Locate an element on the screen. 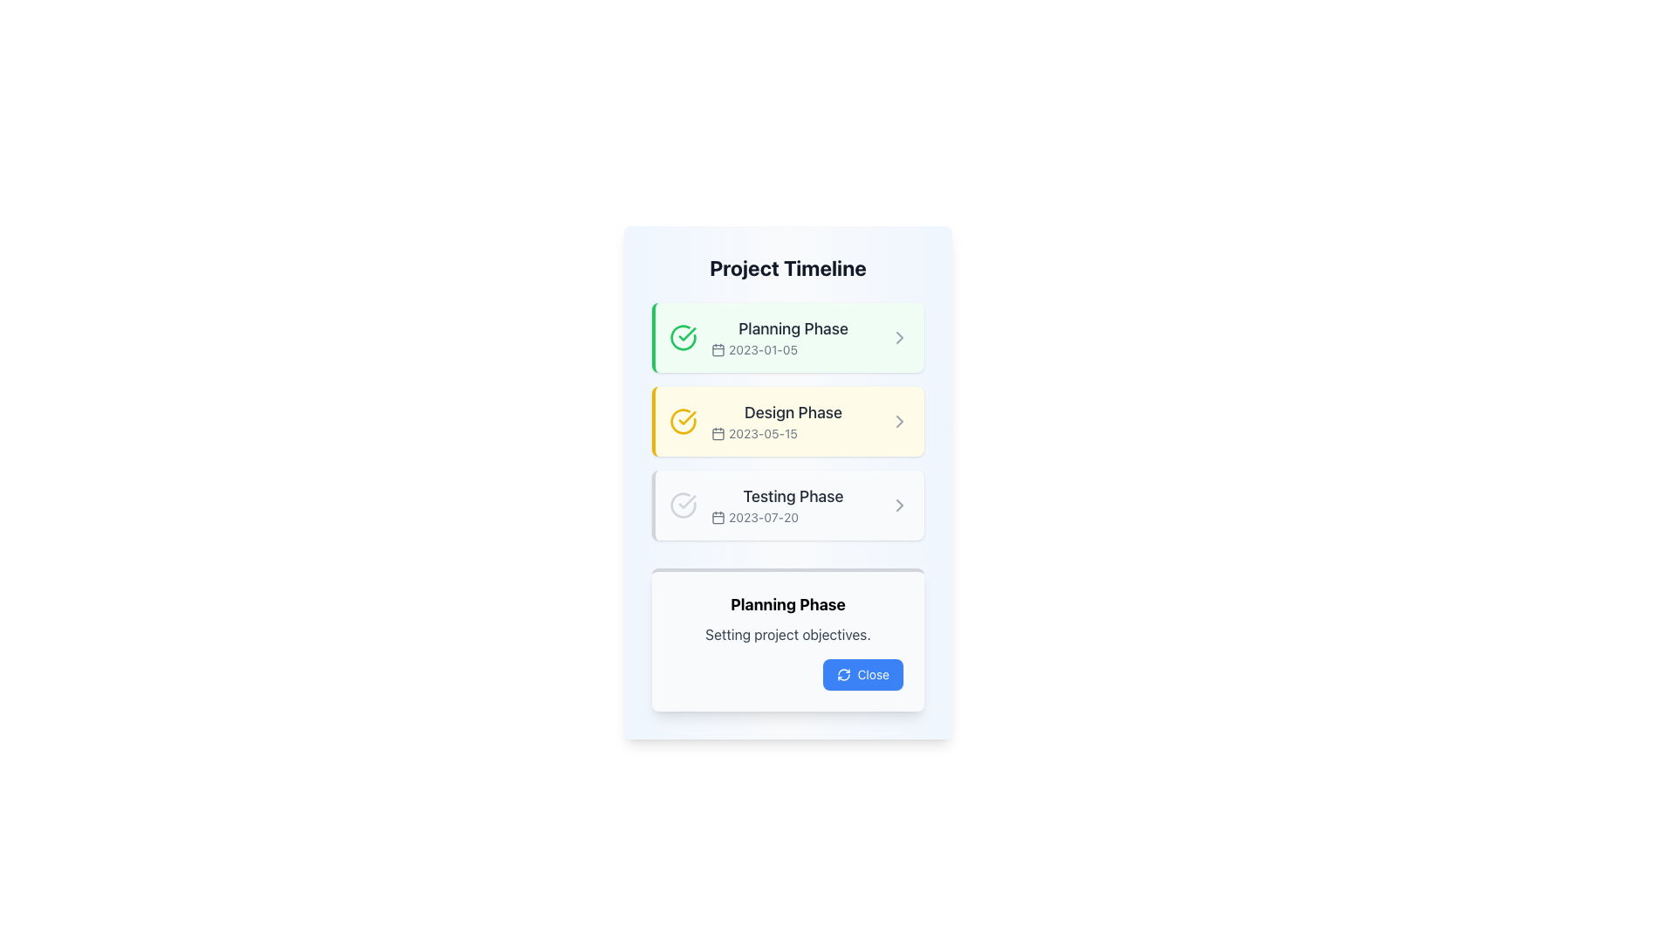  the small green checkmark icon in the 'Planning Phase' card is located at coordinates (686, 334).